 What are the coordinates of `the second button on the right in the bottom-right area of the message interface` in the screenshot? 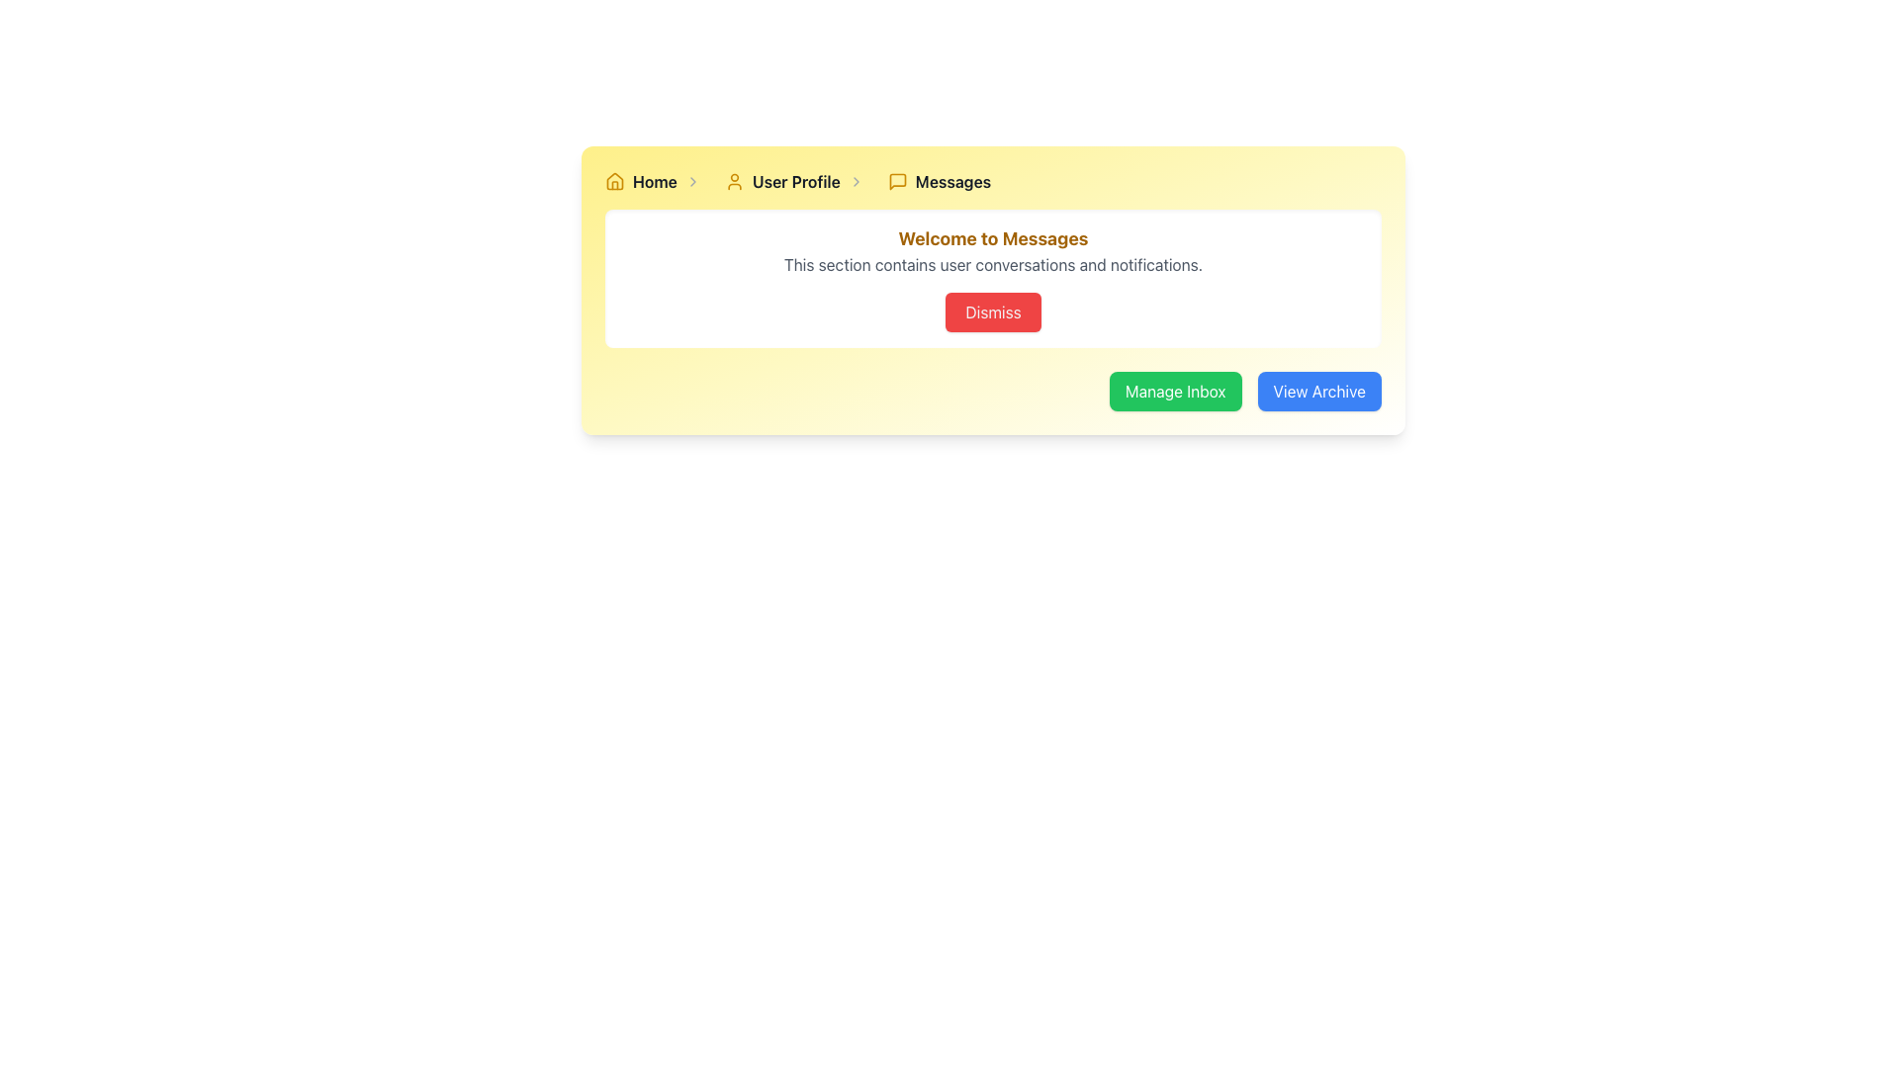 It's located at (1319, 392).